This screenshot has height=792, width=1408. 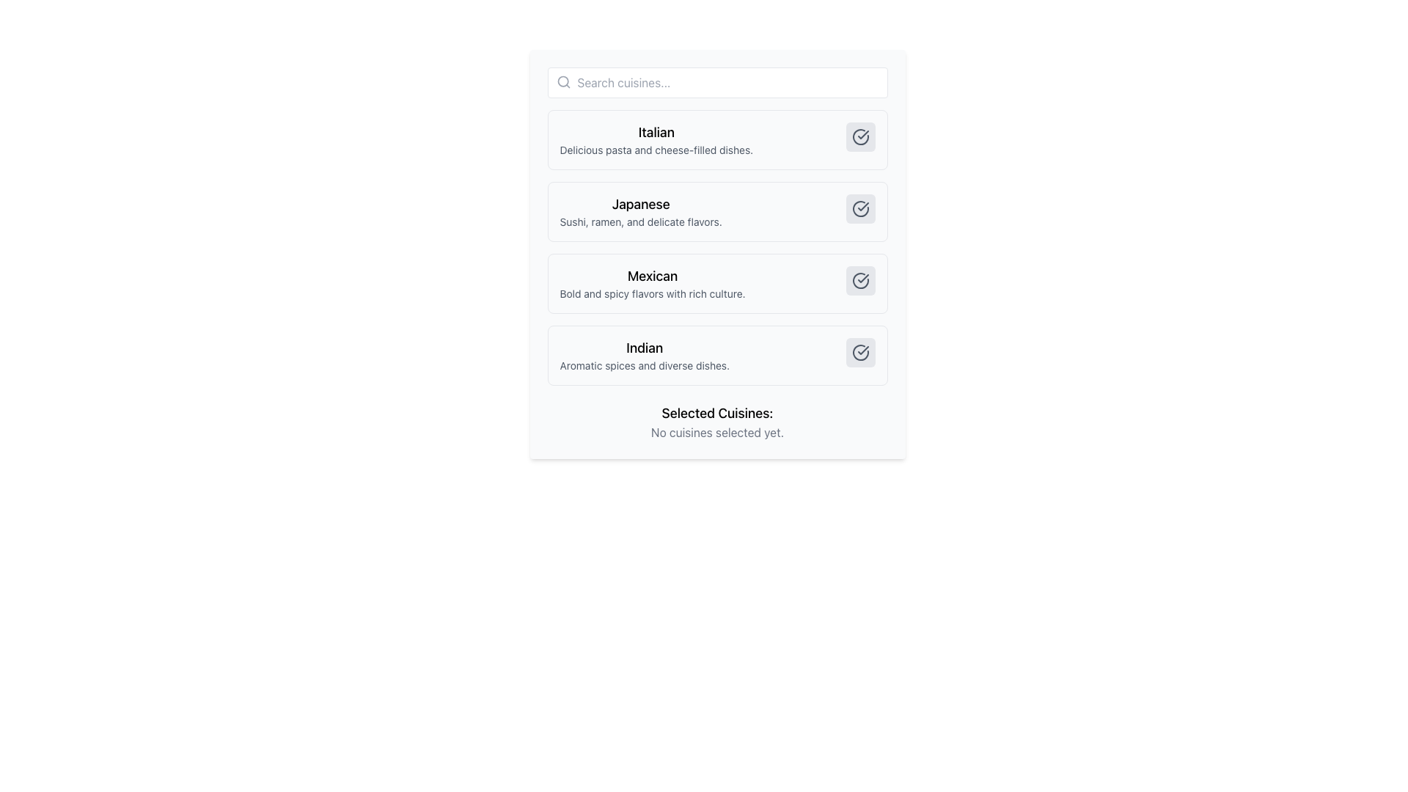 What do you see at coordinates (717, 140) in the screenshot?
I see `the first selectable list item labeled 'Italian' in the cuisine menu` at bounding box center [717, 140].